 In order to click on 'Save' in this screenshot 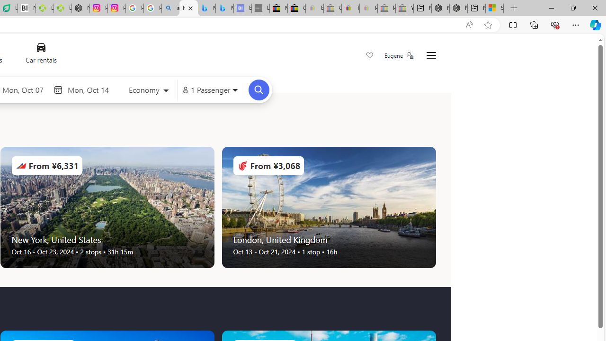, I will do `click(369, 56)`.